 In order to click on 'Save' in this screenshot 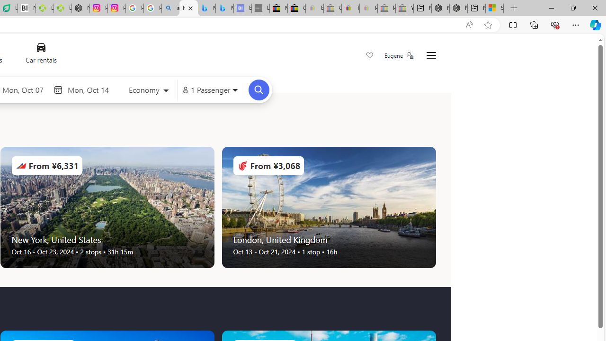, I will do `click(369, 56)`.